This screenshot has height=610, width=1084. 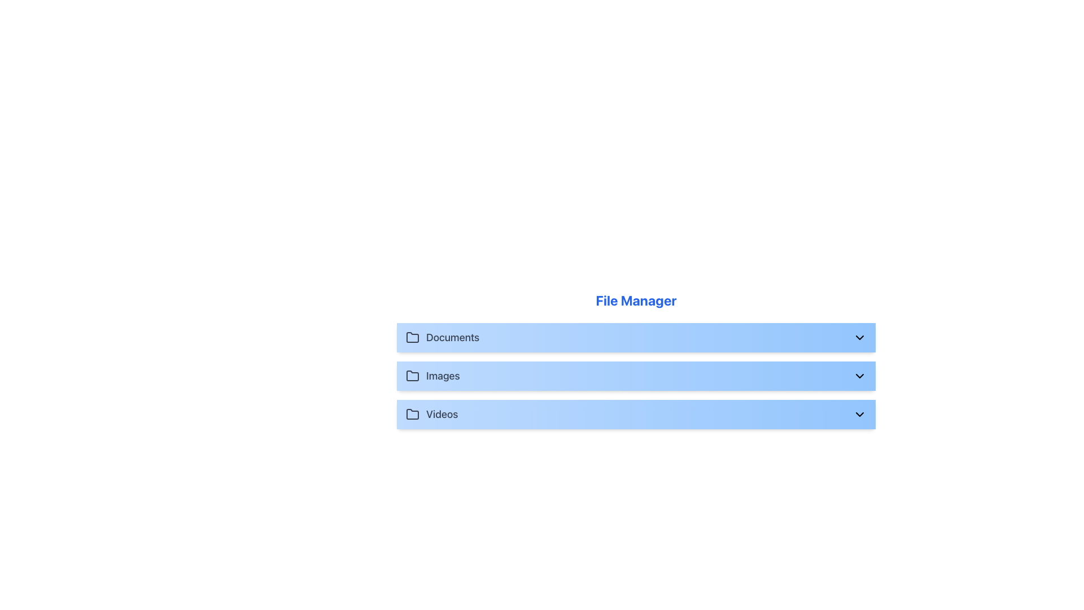 What do you see at coordinates (442, 337) in the screenshot?
I see `the 'Documents' button element` at bounding box center [442, 337].